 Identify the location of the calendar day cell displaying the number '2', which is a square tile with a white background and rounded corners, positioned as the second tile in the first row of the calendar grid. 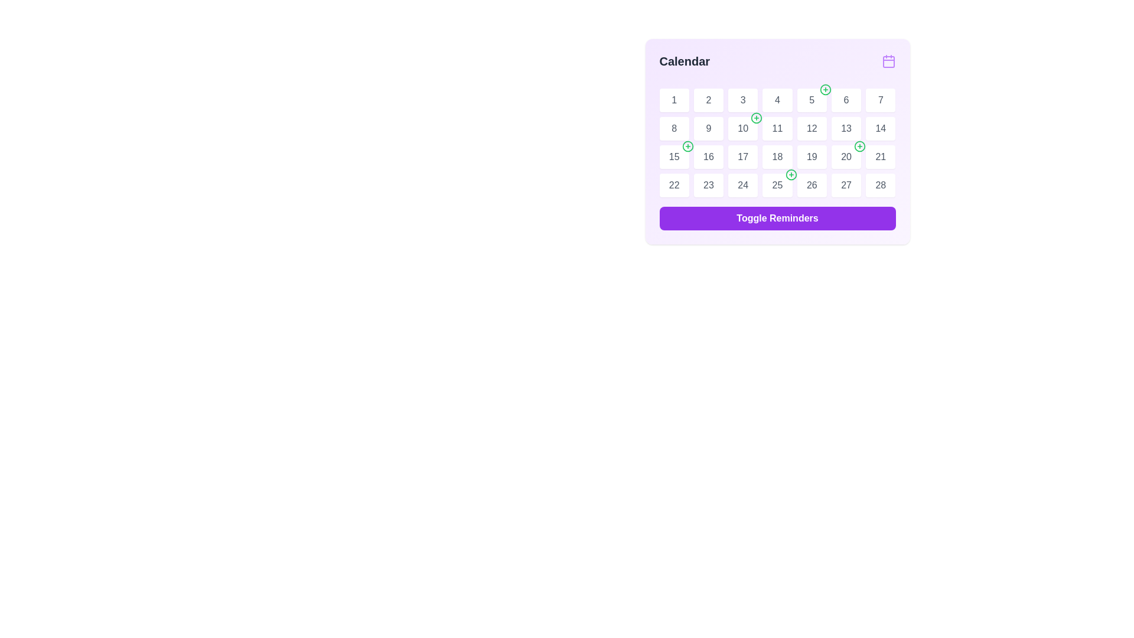
(709, 99).